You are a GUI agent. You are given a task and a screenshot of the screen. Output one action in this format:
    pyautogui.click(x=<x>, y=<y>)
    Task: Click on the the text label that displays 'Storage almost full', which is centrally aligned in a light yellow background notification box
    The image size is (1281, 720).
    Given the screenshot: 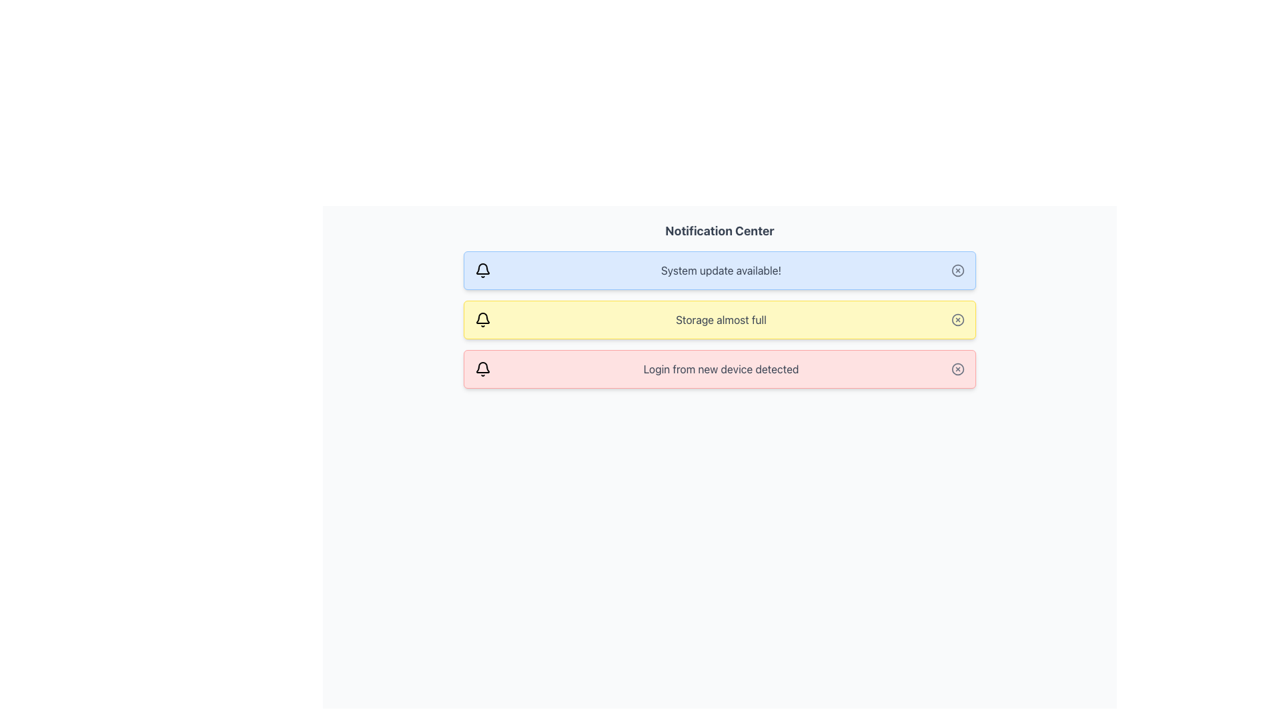 What is the action you would take?
    pyautogui.click(x=720, y=319)
    